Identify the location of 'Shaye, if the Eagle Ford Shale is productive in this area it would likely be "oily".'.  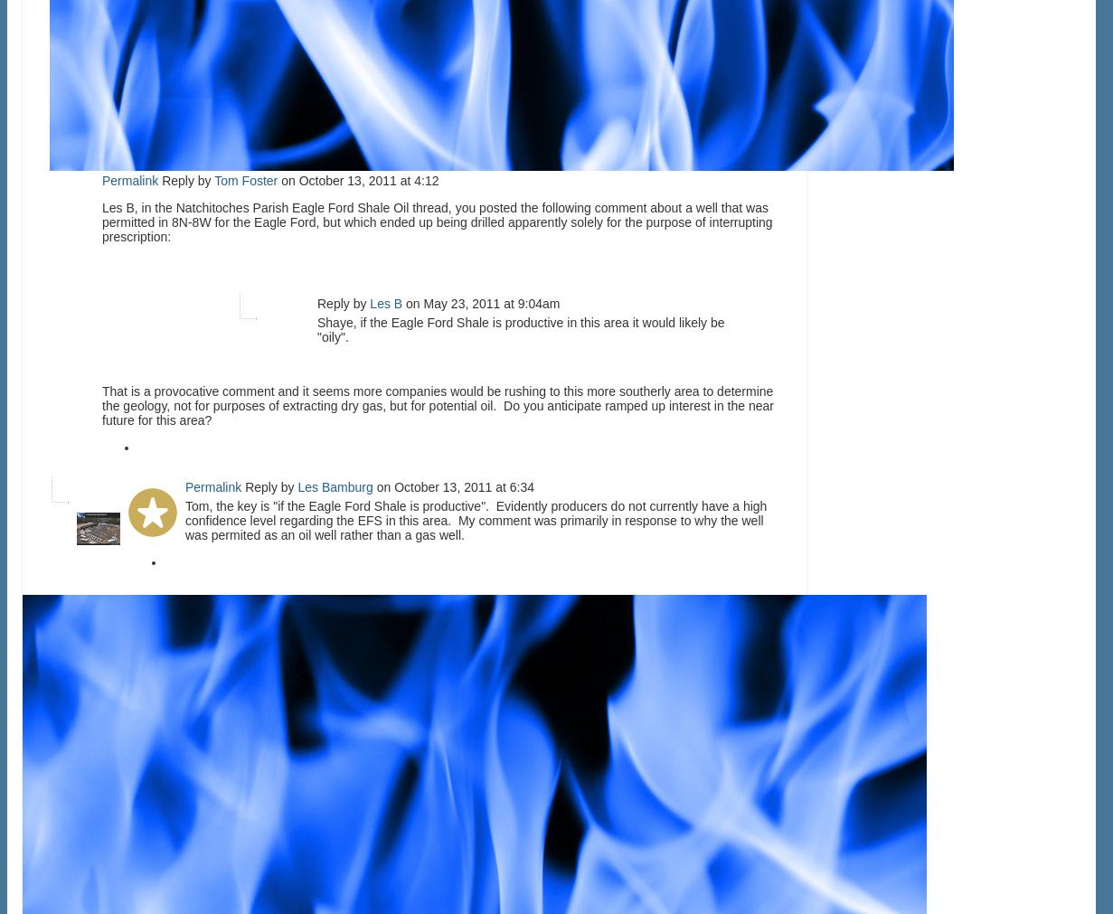
(520, 328).